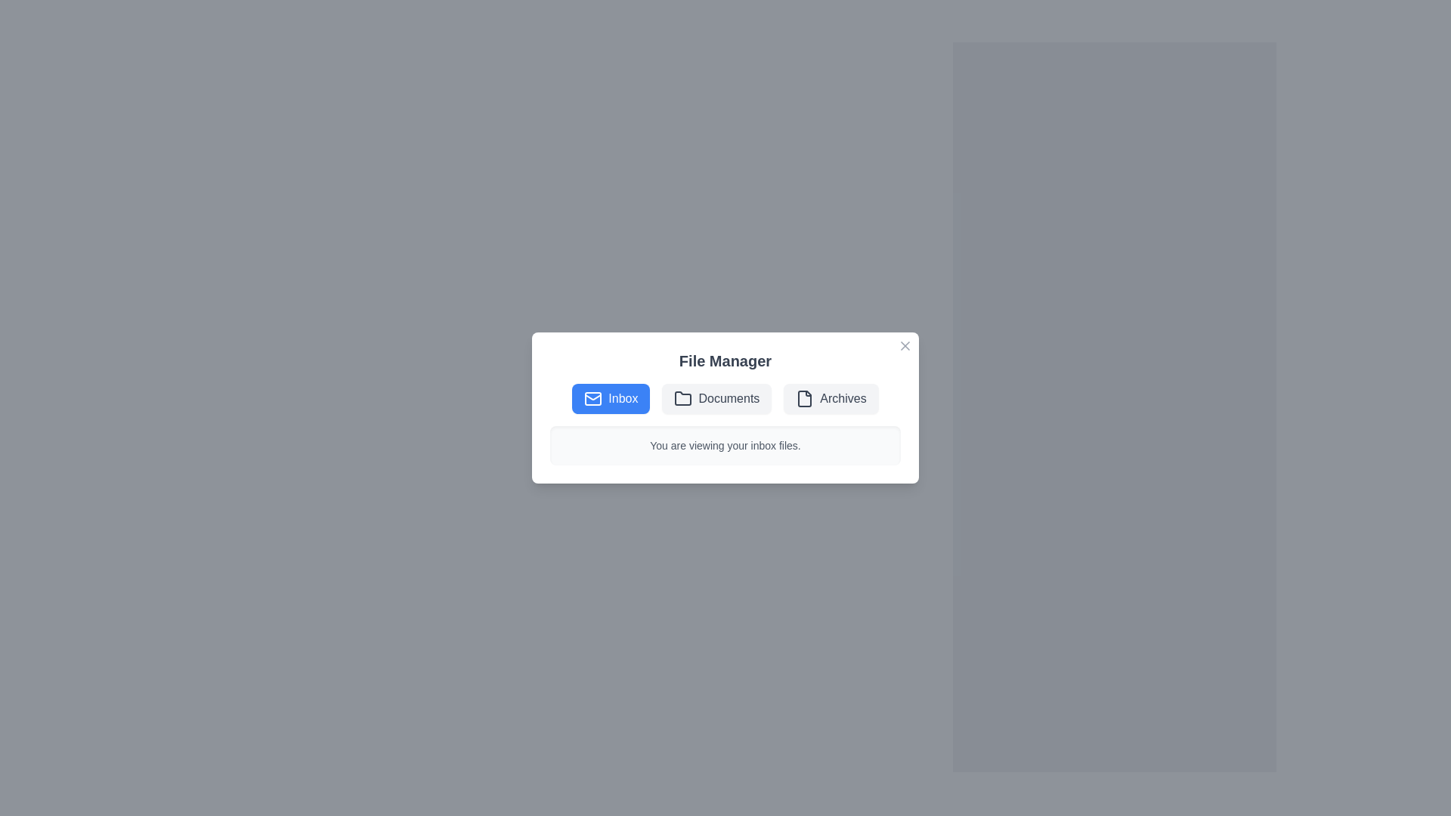  Describe the element at coordinates (611, 398) in the screenshot. I see `the 'Inbox' button, which is a rectangular button with rounded corners, featuring a blue background and a white envelope icon, located in the 'File Manager' modal box` at that location.